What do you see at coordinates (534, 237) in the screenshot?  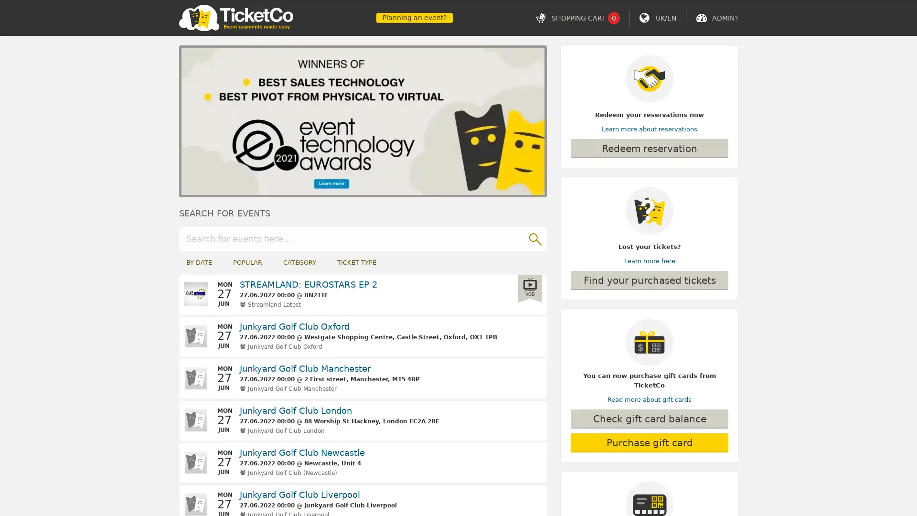 I see `Search events button` at bounding box center [534, 237].